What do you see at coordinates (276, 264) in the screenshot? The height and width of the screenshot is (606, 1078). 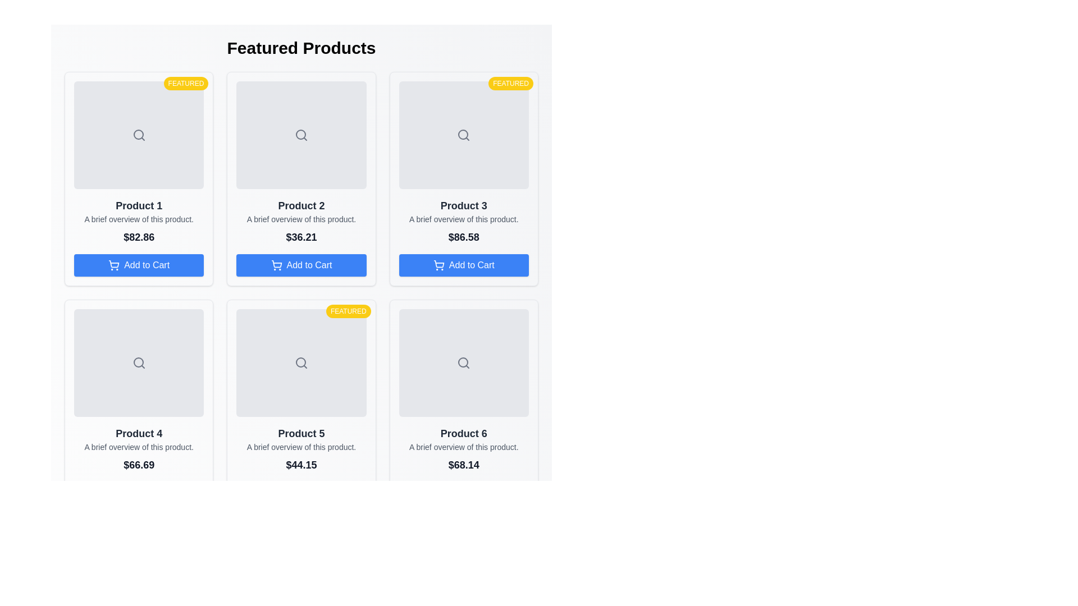 I see `the icon` at bounding box center [276, 264].